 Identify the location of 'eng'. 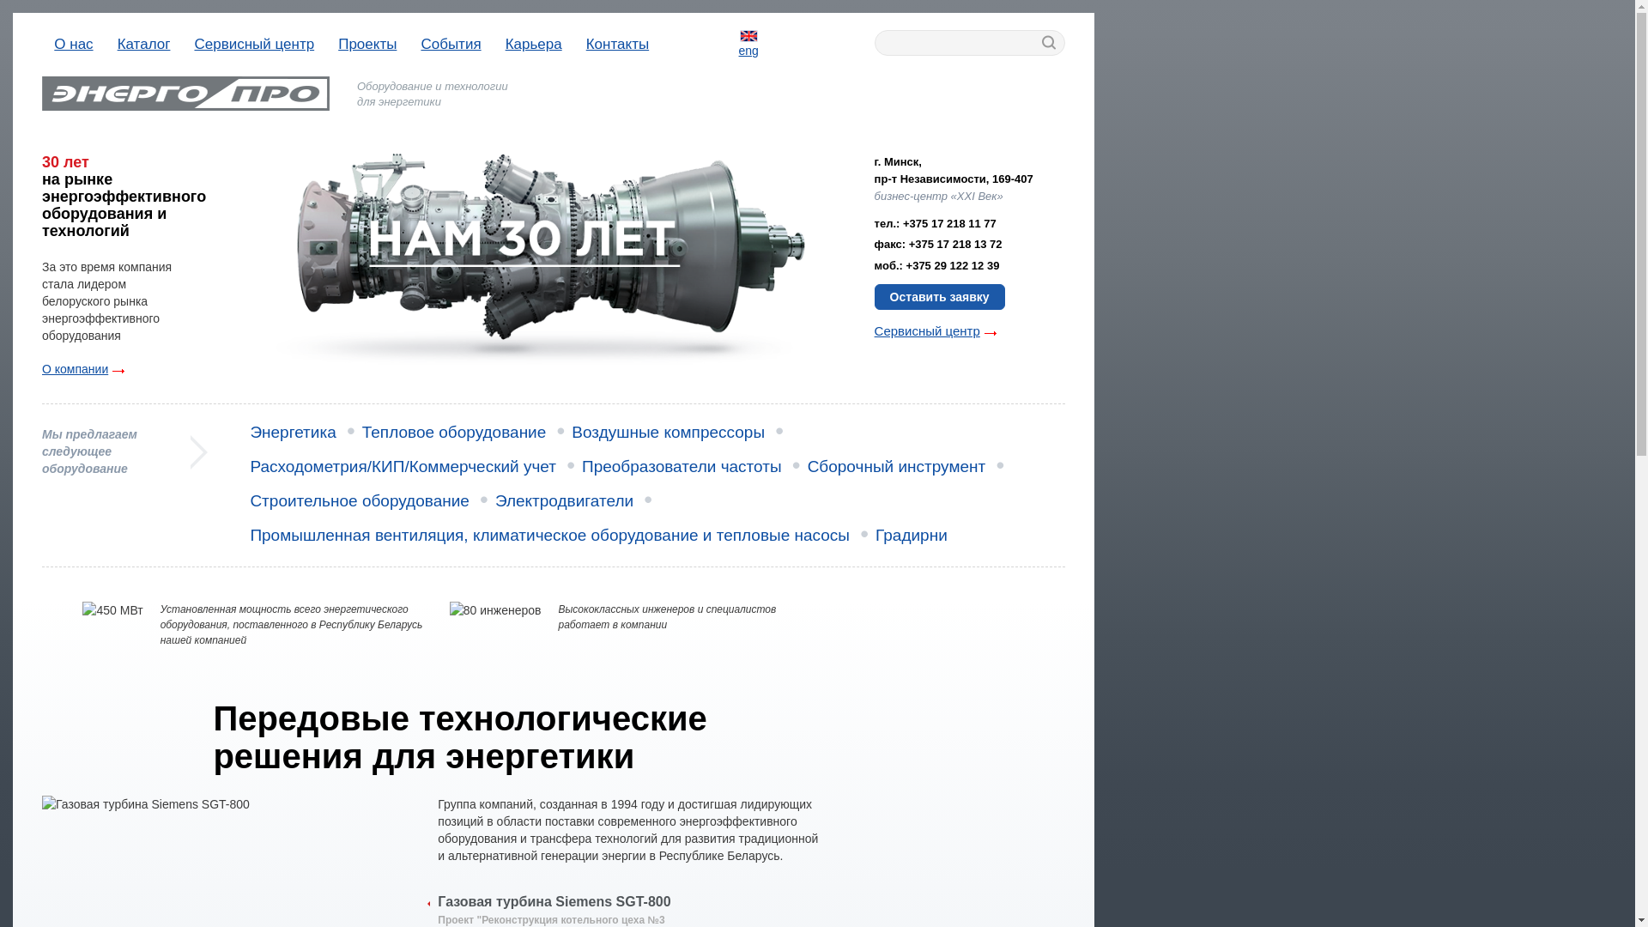
(748, 42).